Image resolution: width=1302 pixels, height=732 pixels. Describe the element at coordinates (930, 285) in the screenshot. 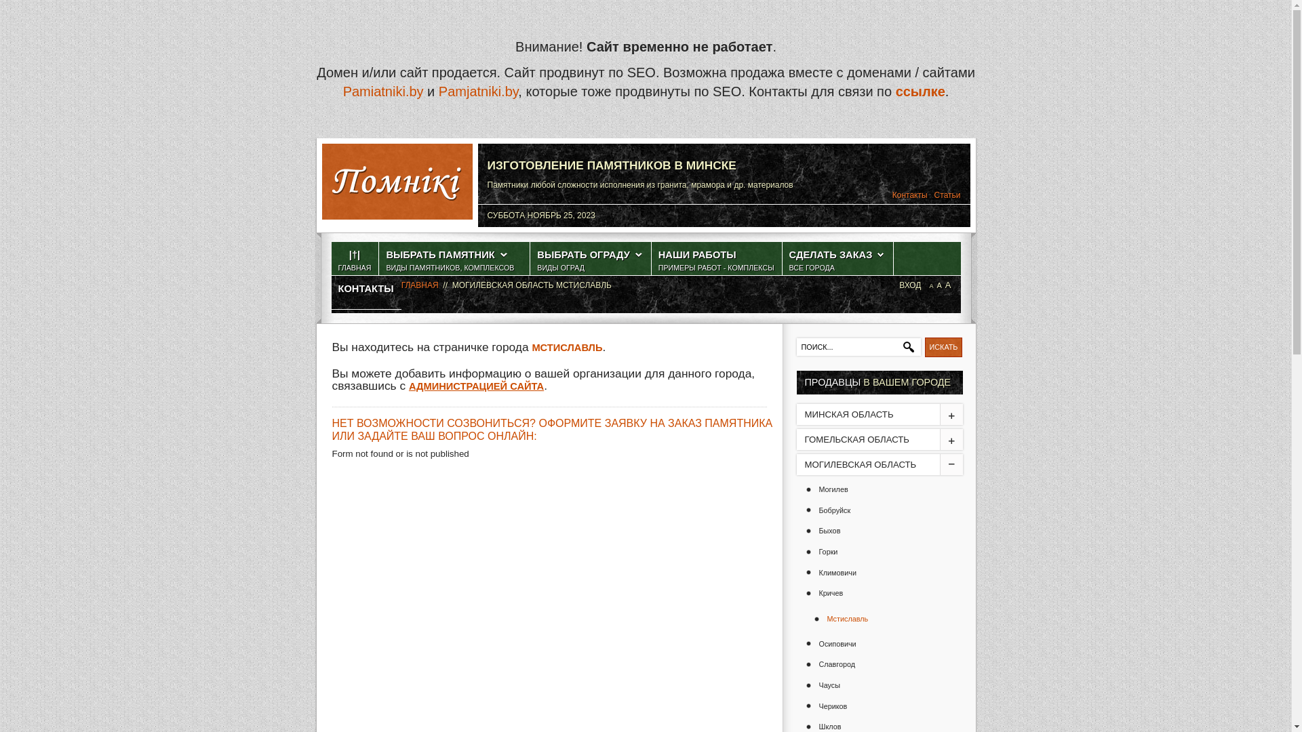

I see `'A'` at that location.